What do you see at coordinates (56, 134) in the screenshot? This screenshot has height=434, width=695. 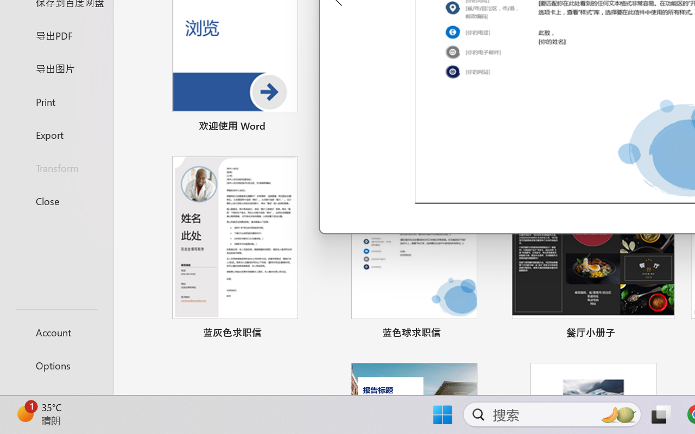 I see `'Export'` at bounding box center [56, 134].